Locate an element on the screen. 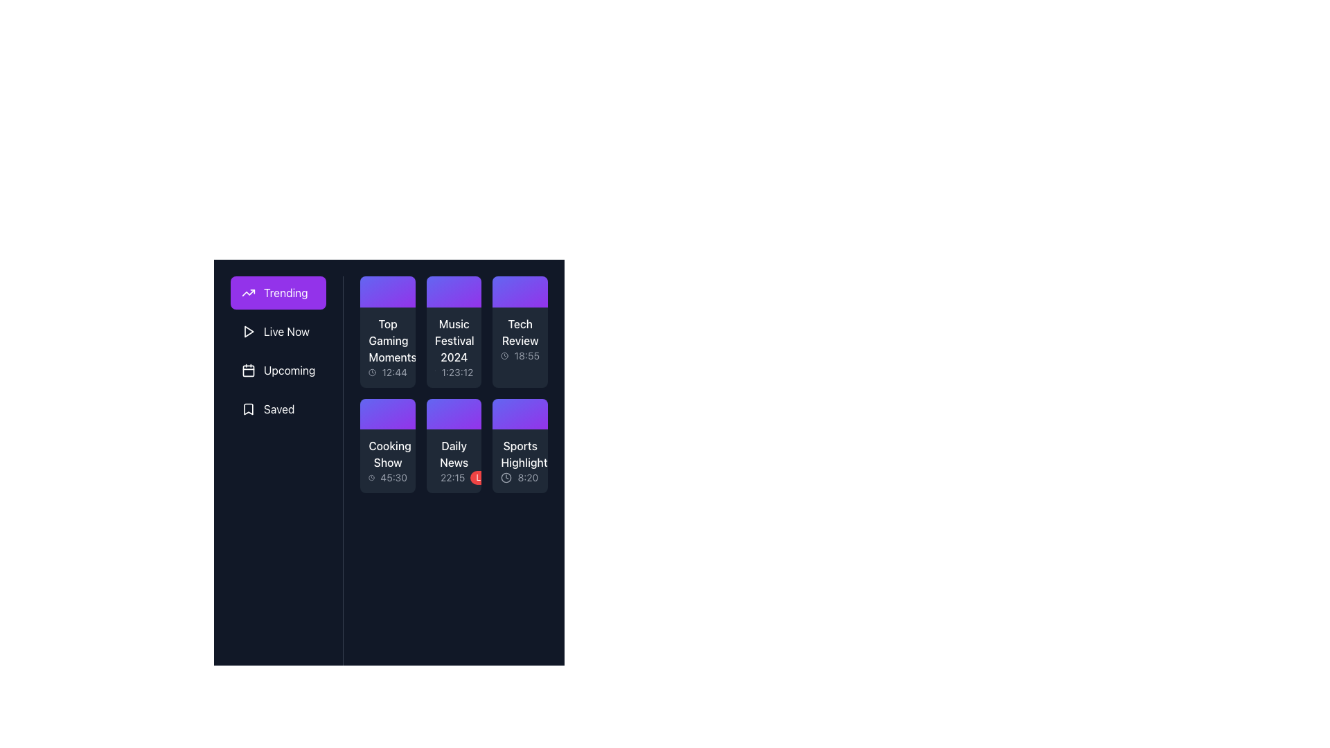  the clock icon, which is a minimalistic circular icon located beside the time text '18:55' within the 'Tech Review' tile in the top-right section of the interface is located at coordinates (504, 355).